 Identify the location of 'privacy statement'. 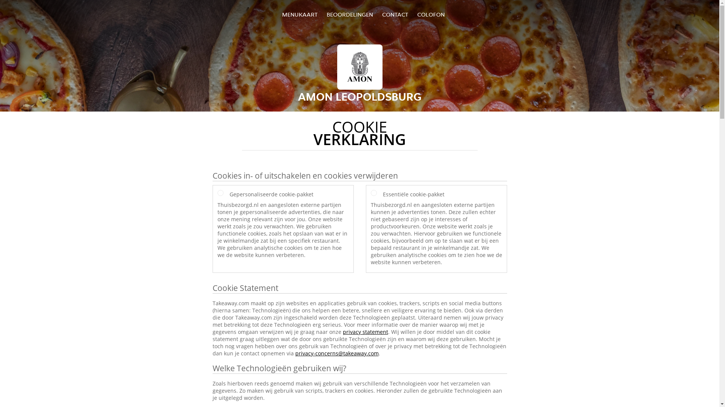
(342, 331).